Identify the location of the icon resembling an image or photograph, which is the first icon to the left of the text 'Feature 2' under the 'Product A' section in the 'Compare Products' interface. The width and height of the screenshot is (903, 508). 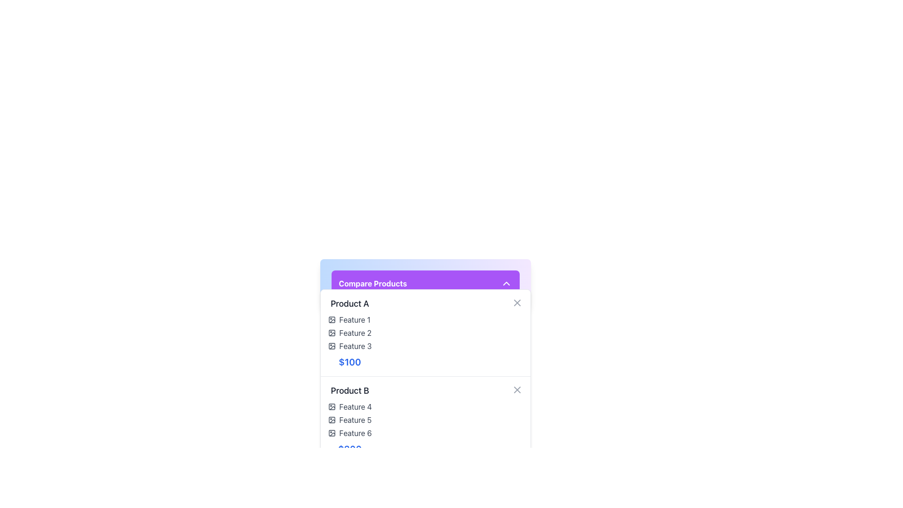
(332, 333).